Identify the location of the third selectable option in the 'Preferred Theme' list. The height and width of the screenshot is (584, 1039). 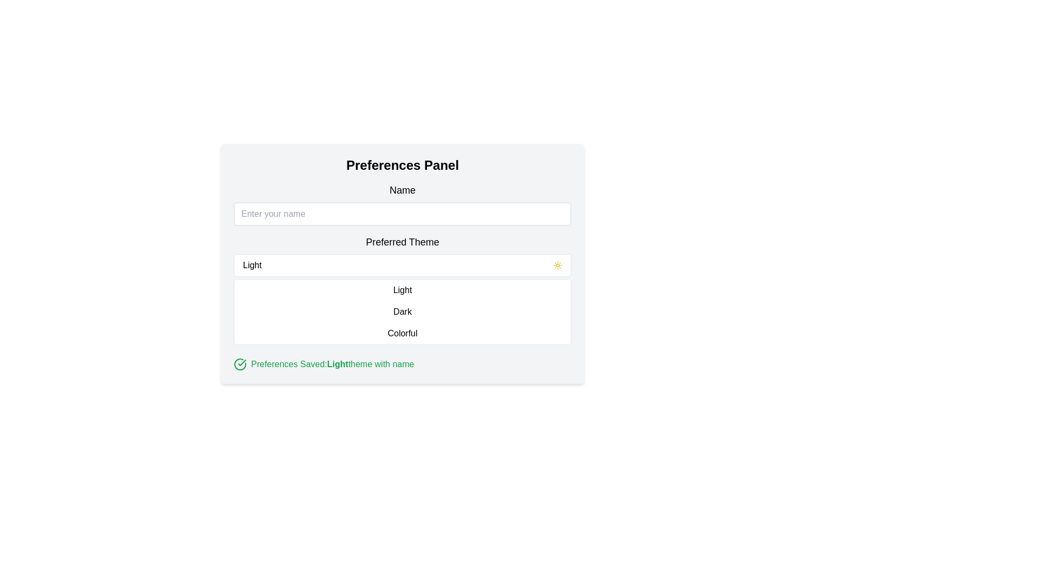
(402, 333).